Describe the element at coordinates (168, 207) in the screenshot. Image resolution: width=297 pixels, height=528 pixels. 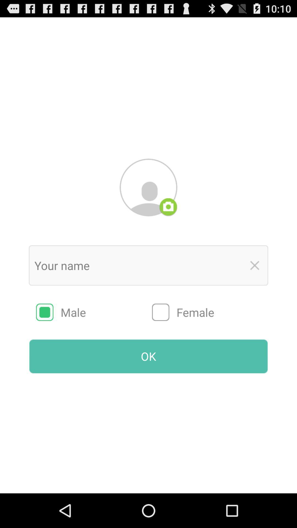
I see `choose photo` at that location.